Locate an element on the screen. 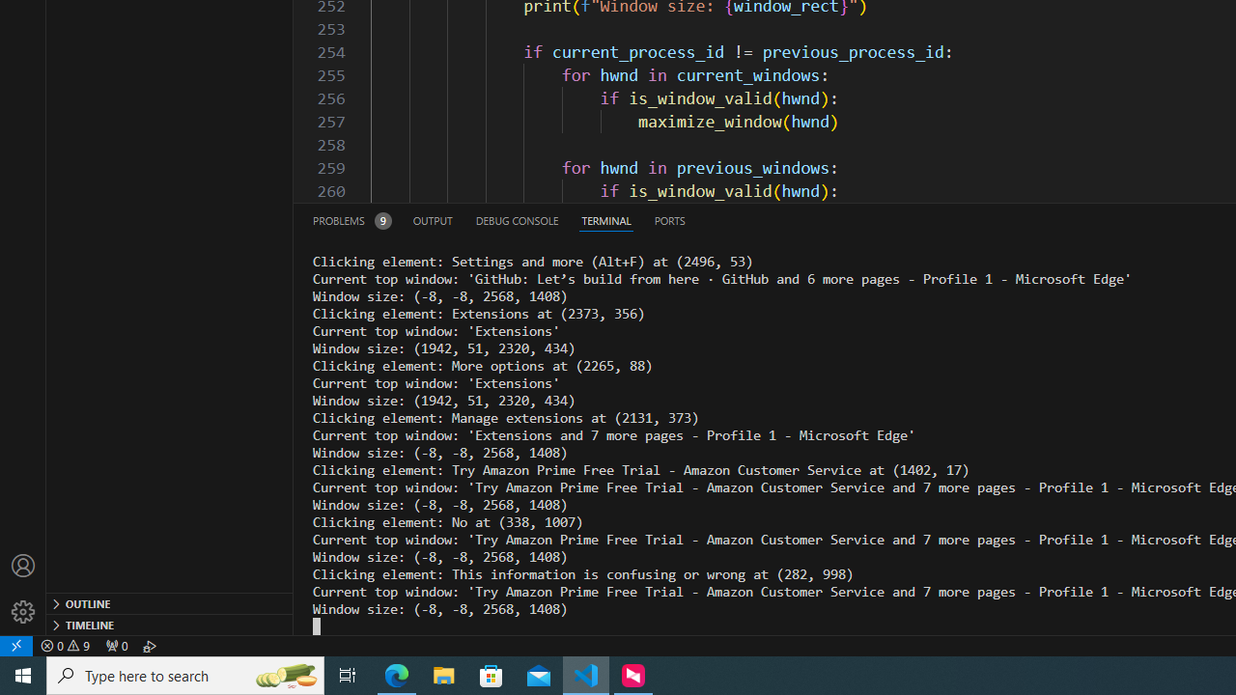 The height and width of the screenshot is (695, 1236). 'Warnings: 9' is located at coordinates (65, 645).